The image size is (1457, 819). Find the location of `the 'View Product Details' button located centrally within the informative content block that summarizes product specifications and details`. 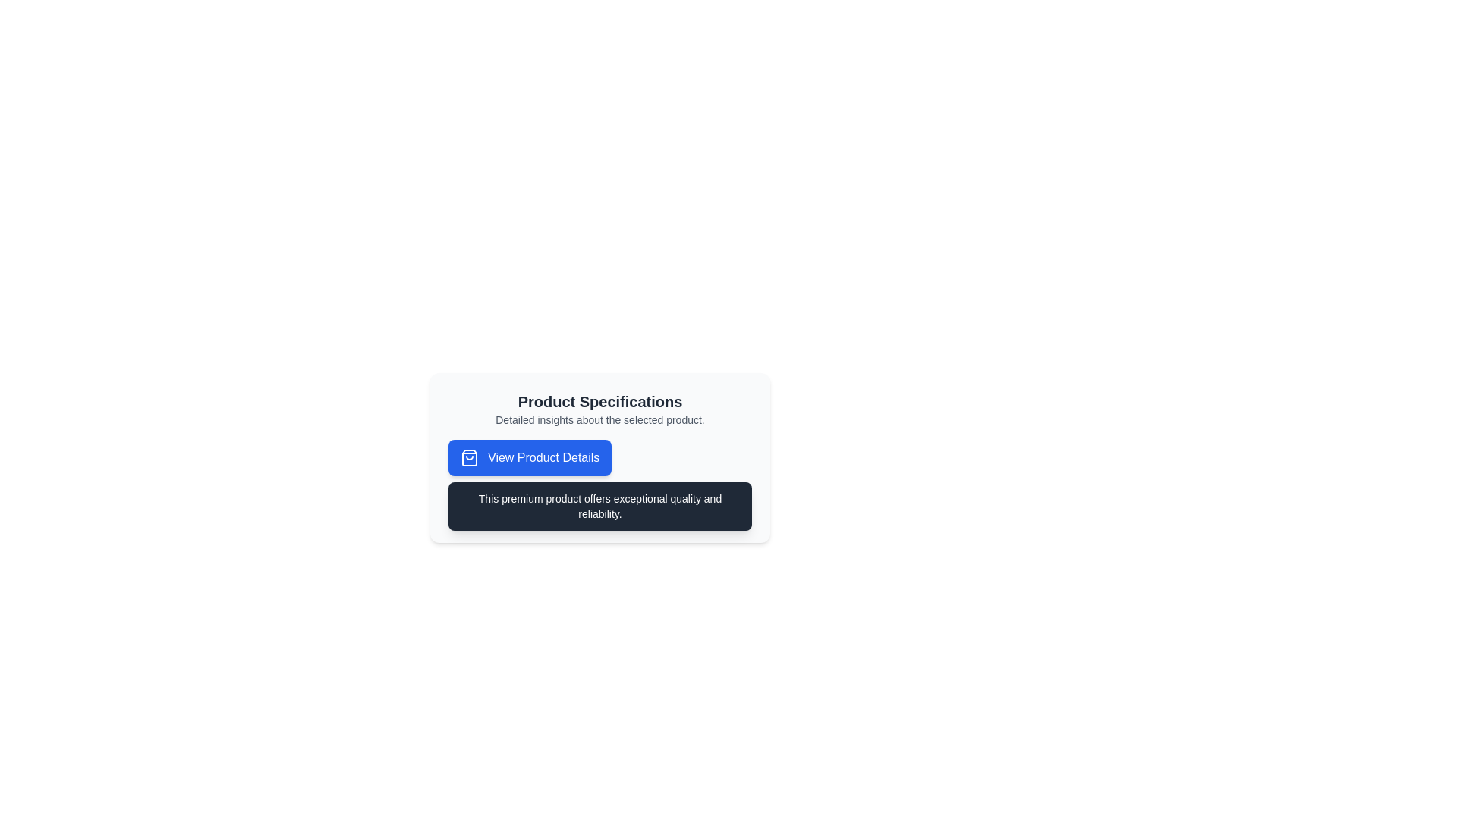

the 'View Product Details' button located centrally within the informative content block that summarizes product specifications and details is located at coordinates (599, 457).